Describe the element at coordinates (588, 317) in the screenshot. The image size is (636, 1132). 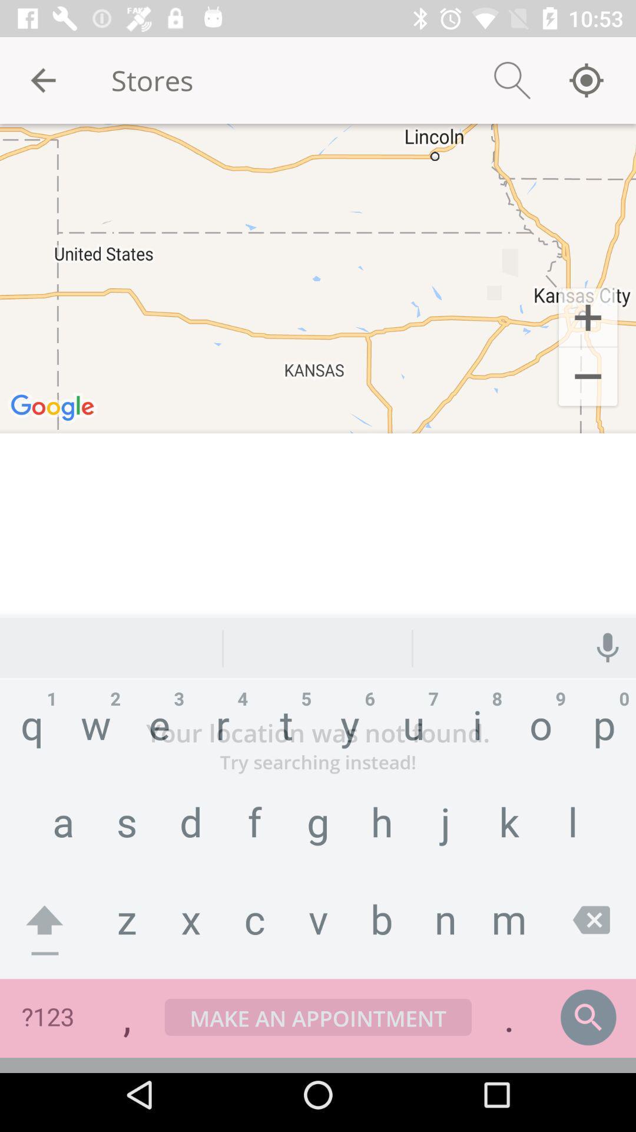
I see `the add icon` at that location.